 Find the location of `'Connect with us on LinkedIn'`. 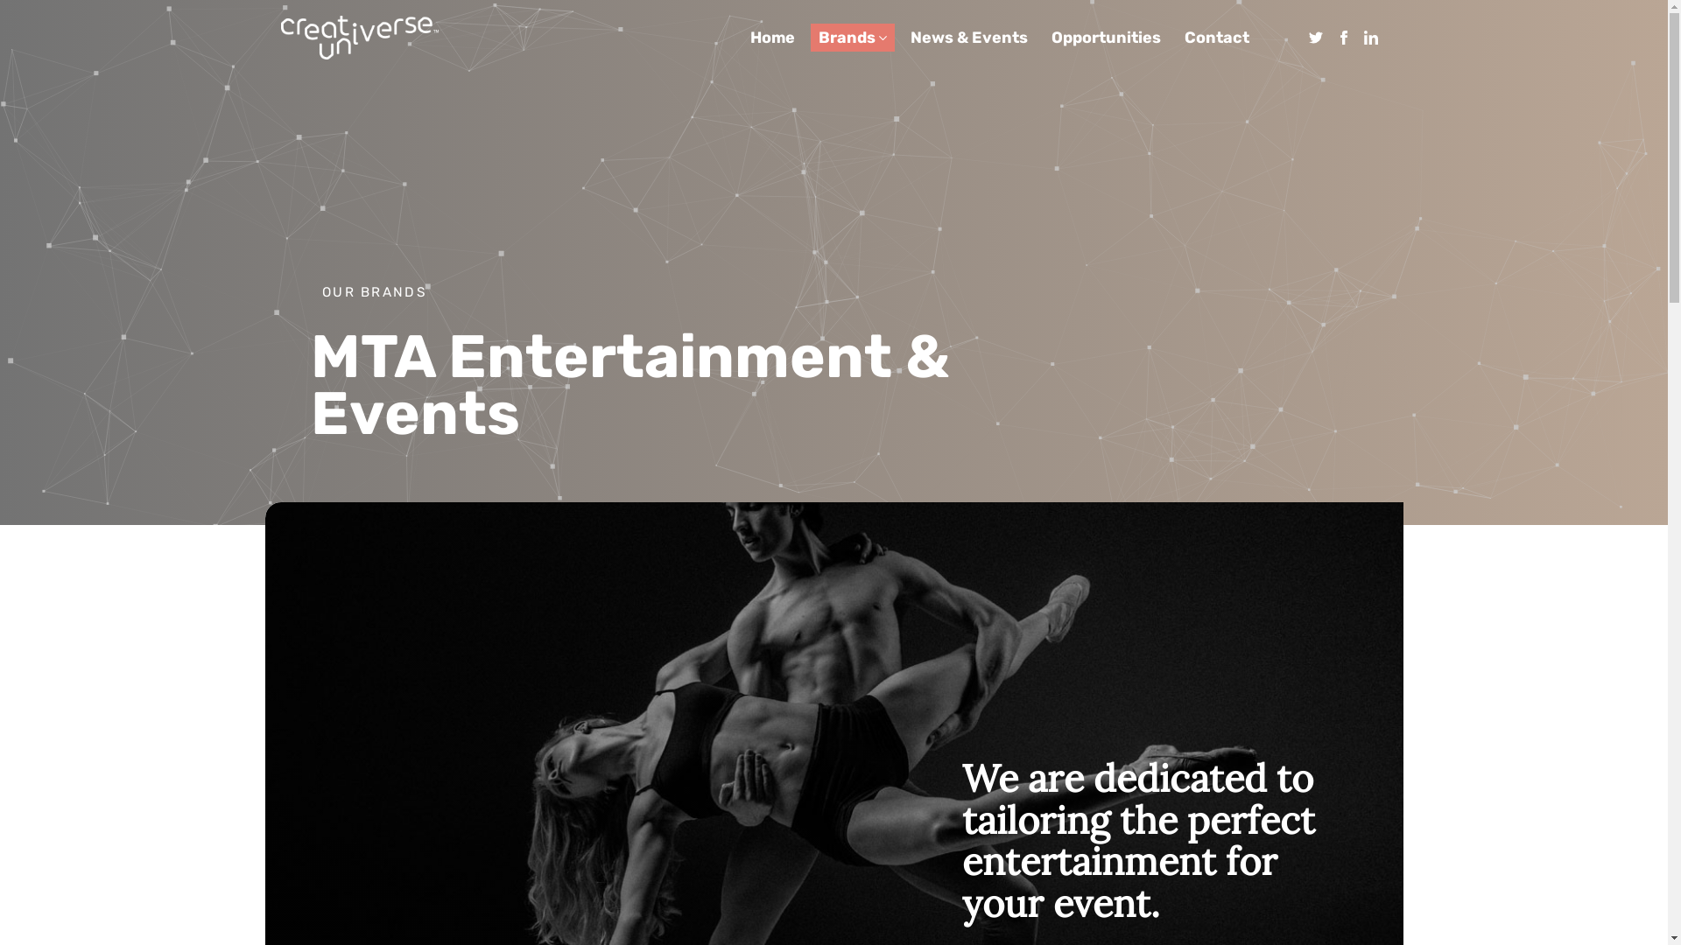

'Connect with us on LinkedIn' is located at coordinates (1369, 38).